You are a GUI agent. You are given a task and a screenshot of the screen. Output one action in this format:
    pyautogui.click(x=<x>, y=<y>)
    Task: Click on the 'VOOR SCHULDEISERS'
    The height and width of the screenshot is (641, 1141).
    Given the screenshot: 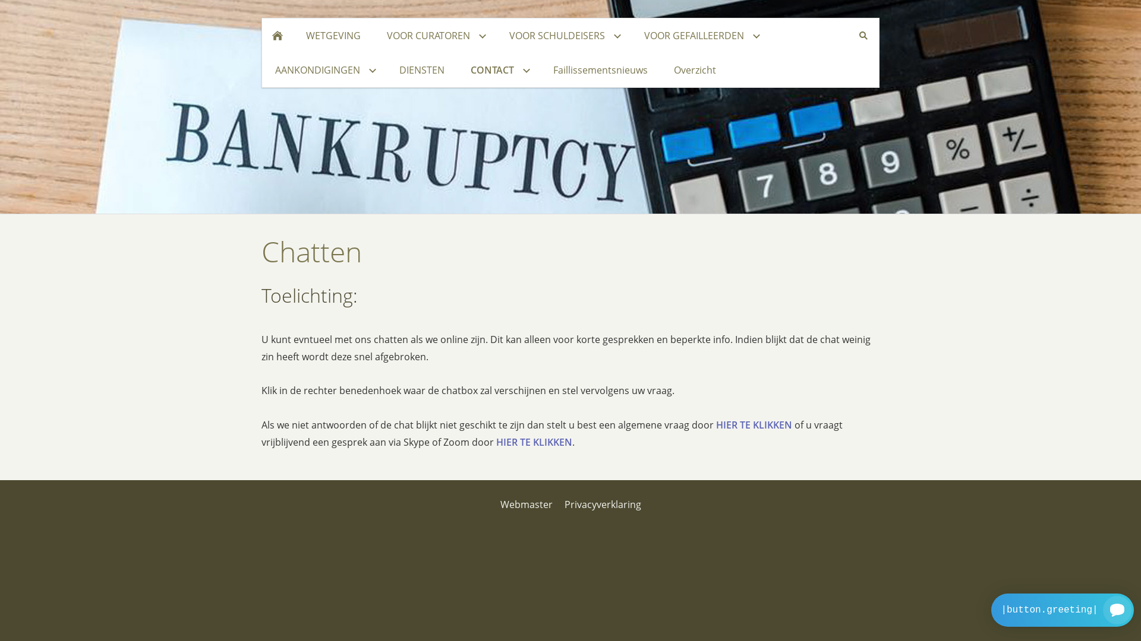 What is the action you would take?
    pyautogui.click(x=563, y=35)
    